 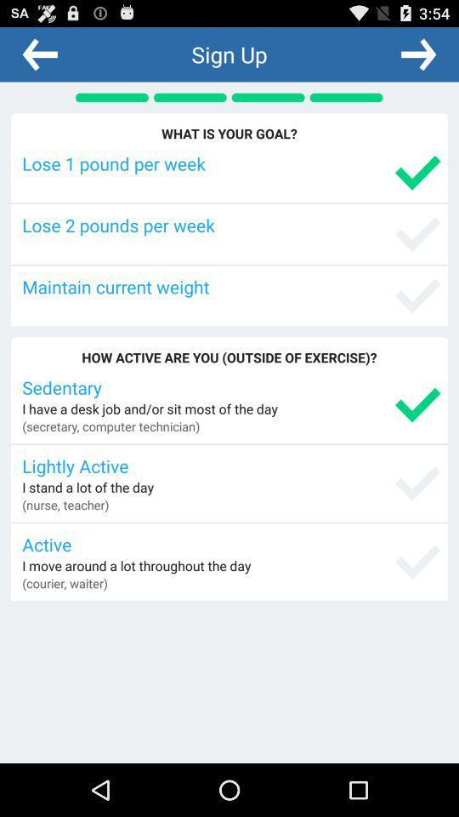 I want to click on next page, so click(x=417, y=54).